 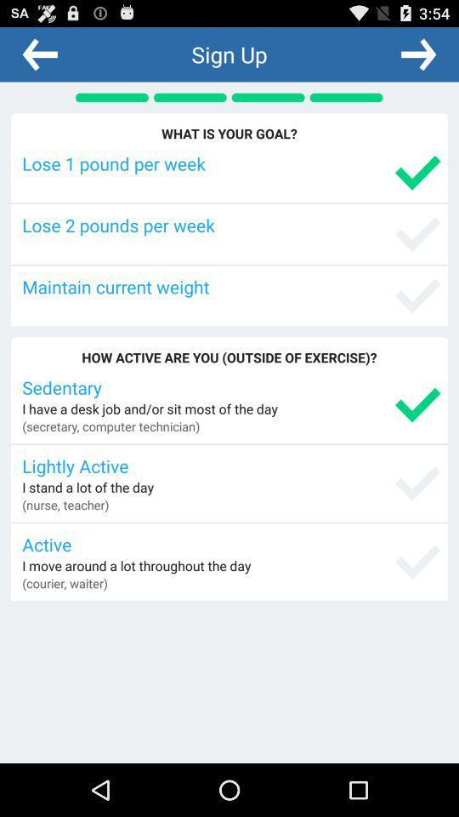 I want to click on next page, so click(x=417, y=54).